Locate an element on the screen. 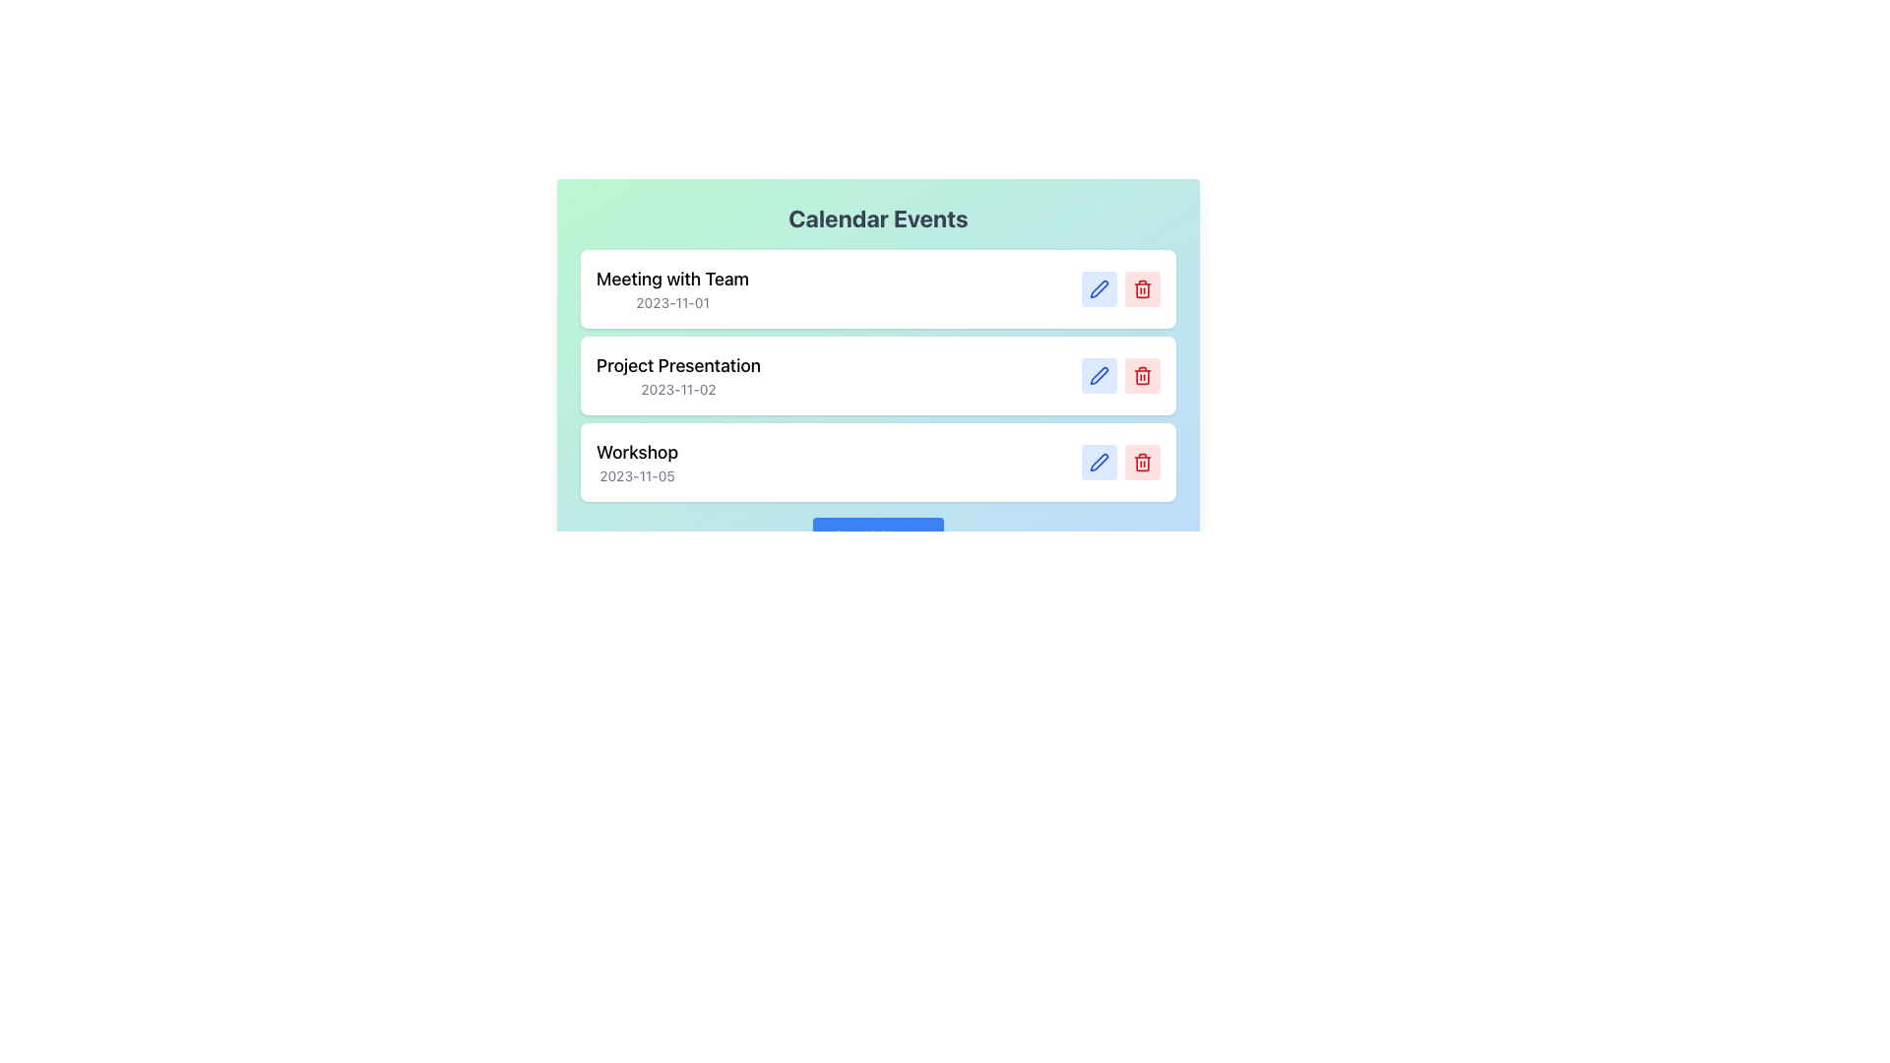 The image size is (1890, 1063). the rectangular button with a blue background and white text that reads 'Add Event' to observe styling changes is located at coordinates (877, 537).